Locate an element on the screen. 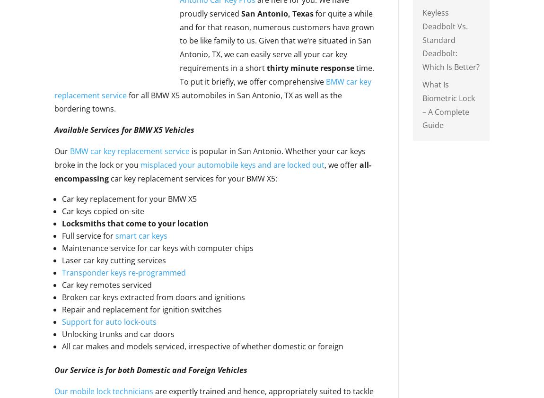 The width and height of the screenshot is (544, 398). 'Car keys copied on-site' is located at coordinates (103, 211).